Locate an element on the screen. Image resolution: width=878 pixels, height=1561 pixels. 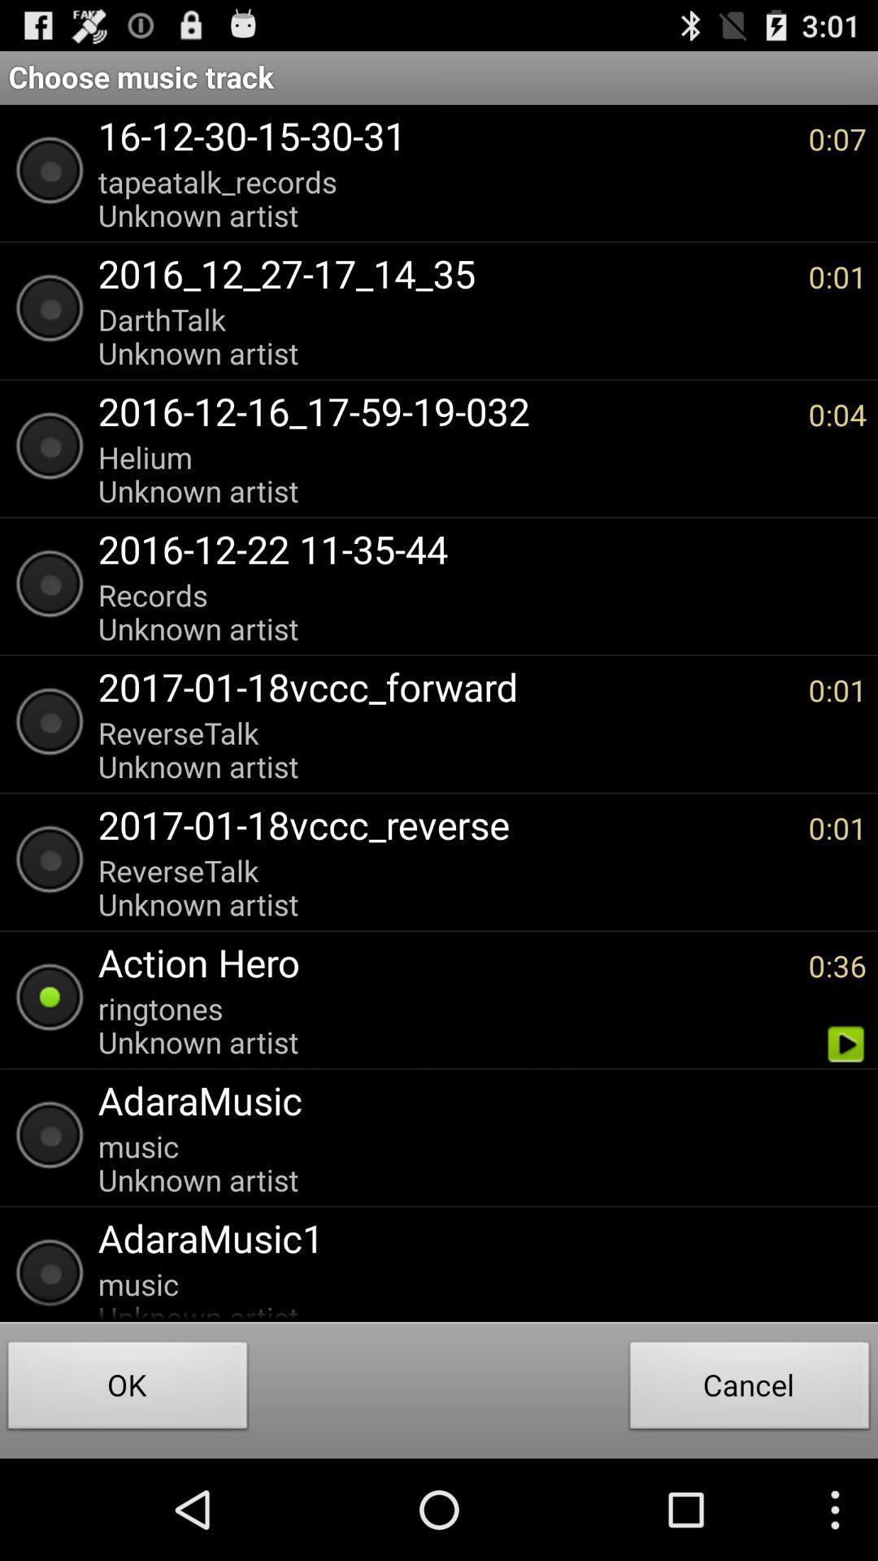
button next to the ok button is located at coordinates (750, 1389).